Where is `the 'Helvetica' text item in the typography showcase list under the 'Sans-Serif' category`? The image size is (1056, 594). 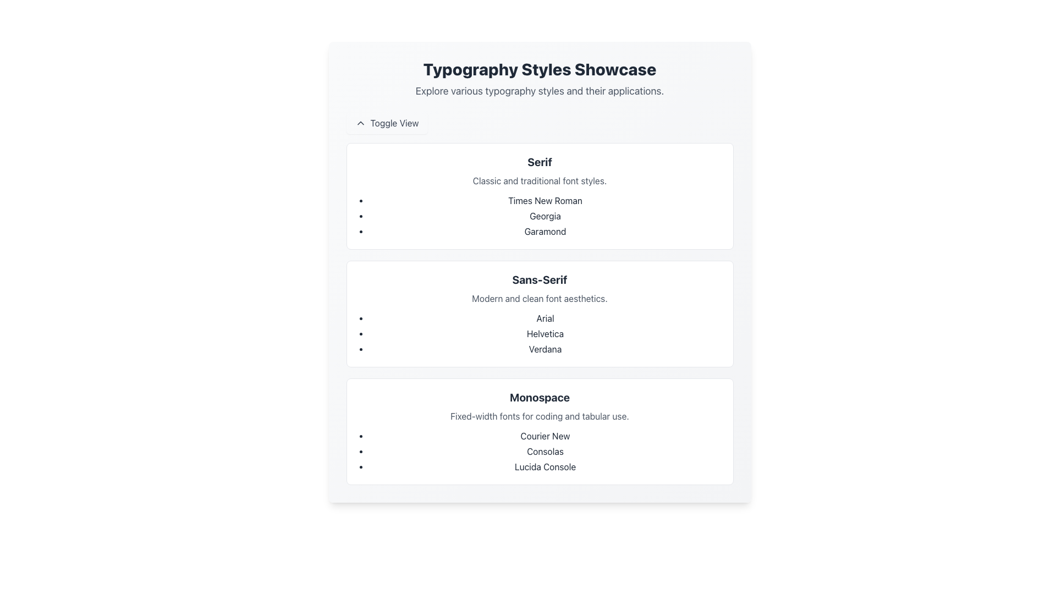
the 'Helvetica' text item in the typography showcase list under the 'Sans-Serif' category is located at coordinates (545, 333).